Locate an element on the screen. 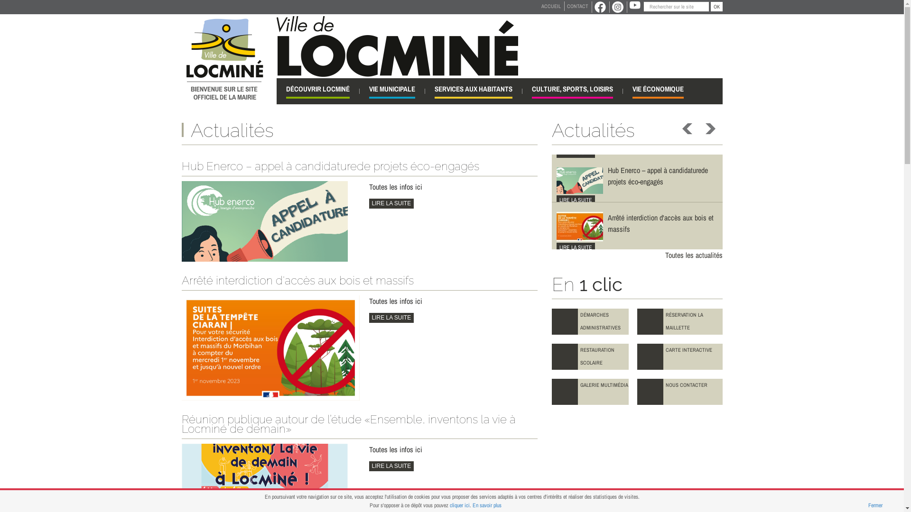  'Previous' is located at coordinates (688, 129).